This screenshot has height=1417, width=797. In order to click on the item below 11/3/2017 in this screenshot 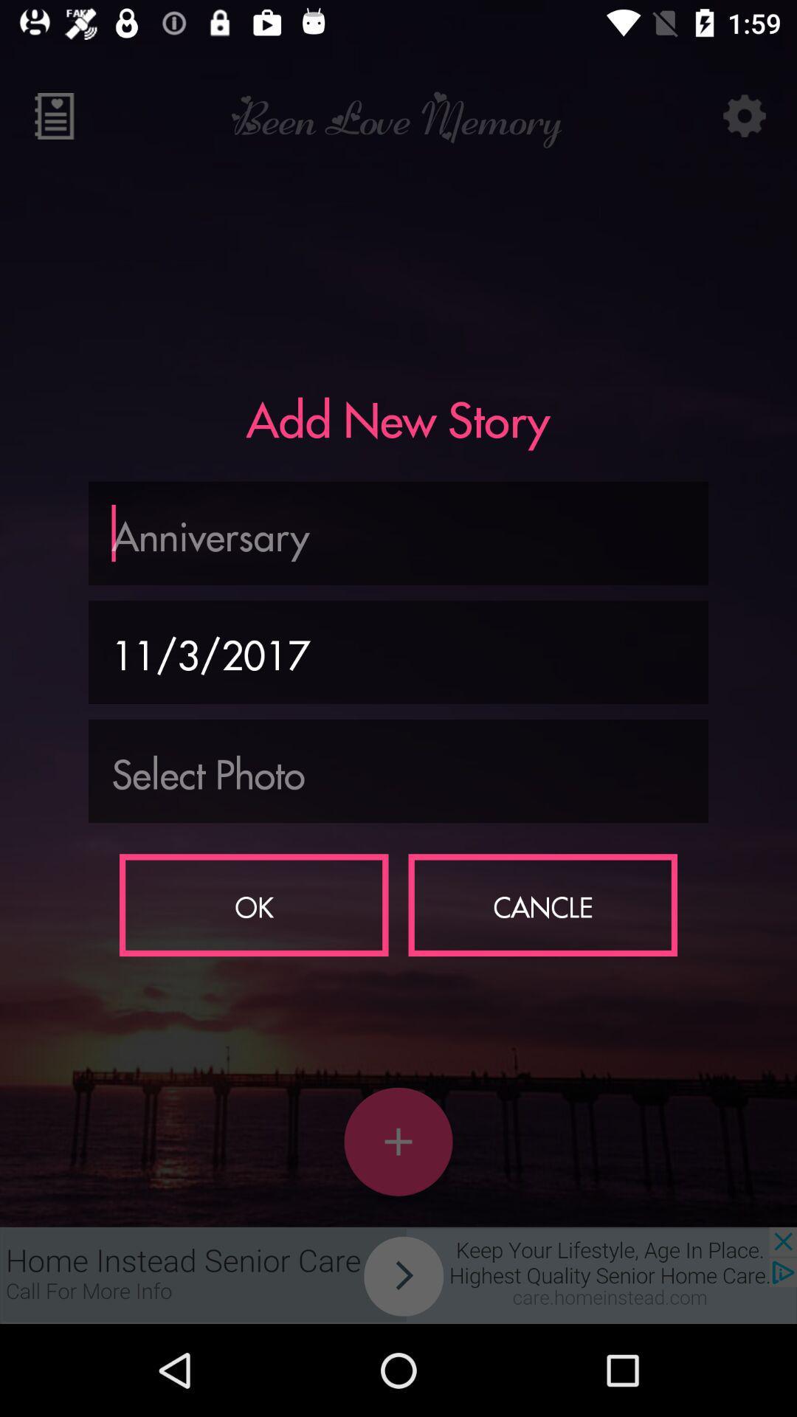, I will do `click(398, 770)`.